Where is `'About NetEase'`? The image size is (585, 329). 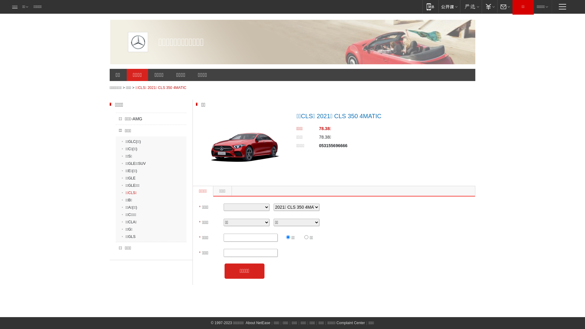
'About NetEase' is located at coordinates (258, 323).